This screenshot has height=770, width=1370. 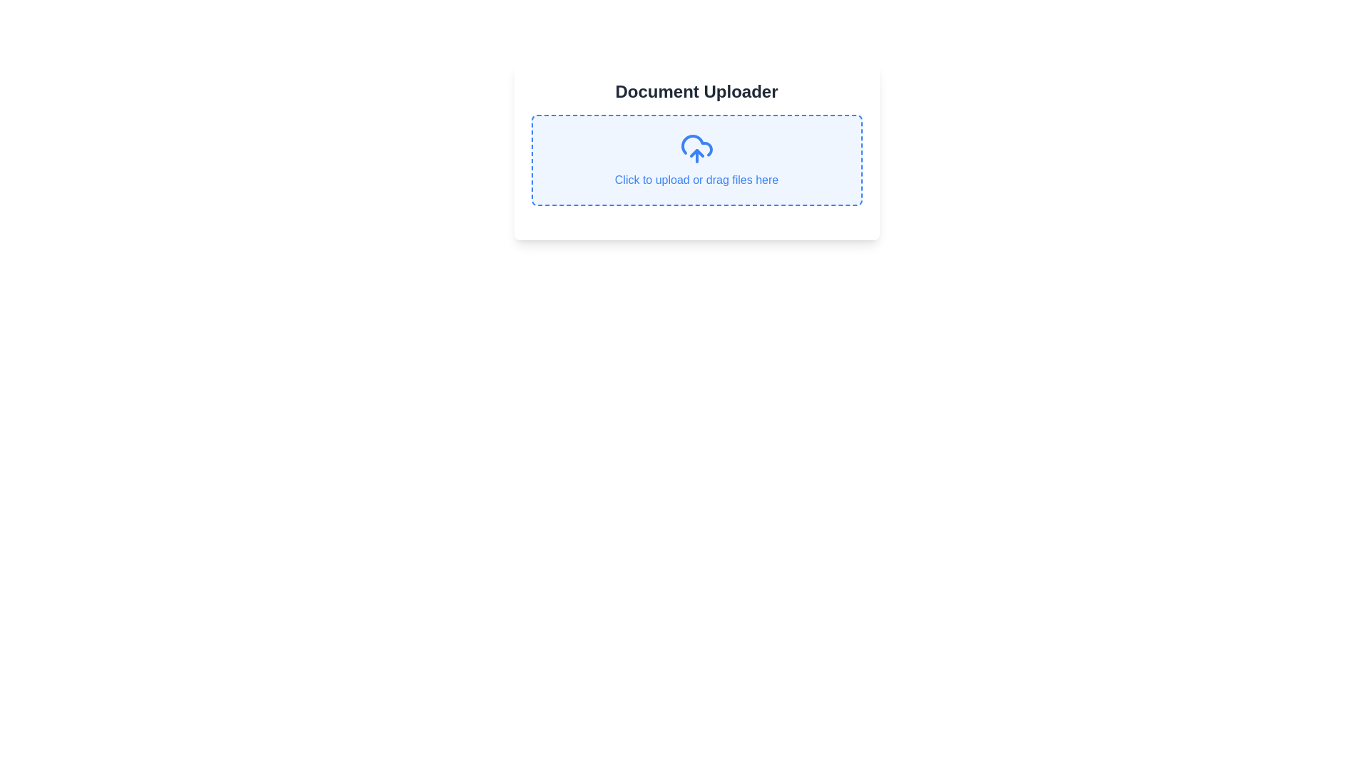 I want to click on the text element that provides instructions for users to upload files, which is located below an upload icon in the upload box, so click(x=696, y=180).